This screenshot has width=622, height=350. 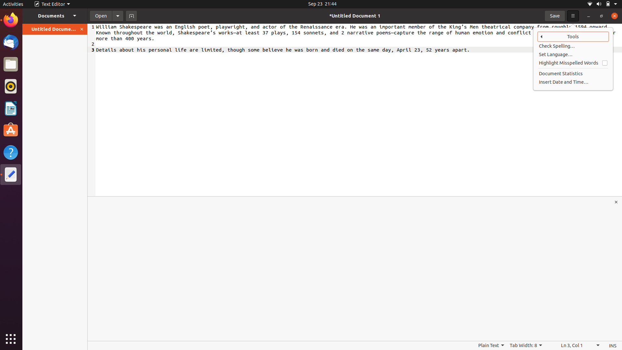 I want to click on Load the document time.docx, so click(x=100, y=15).